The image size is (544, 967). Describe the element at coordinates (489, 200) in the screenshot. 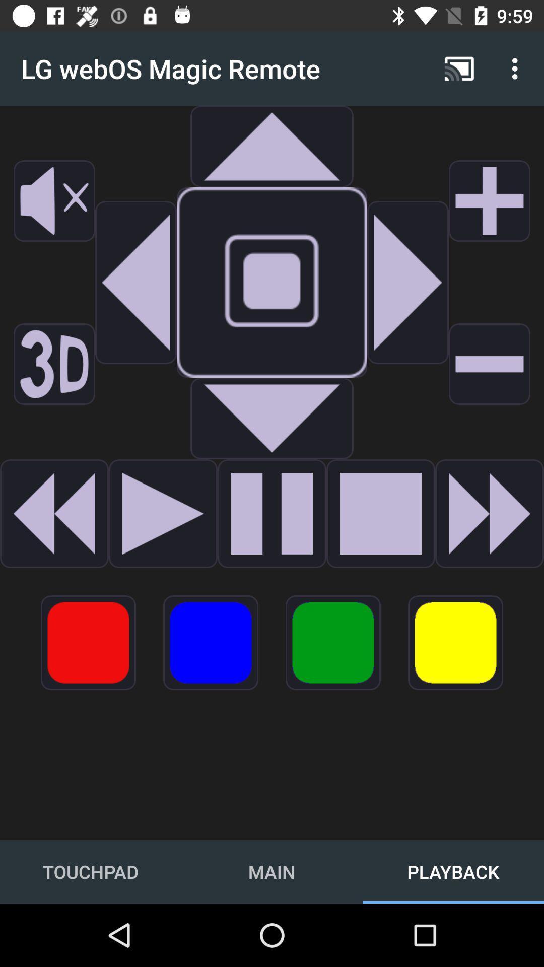

I see `channel up` at that location.